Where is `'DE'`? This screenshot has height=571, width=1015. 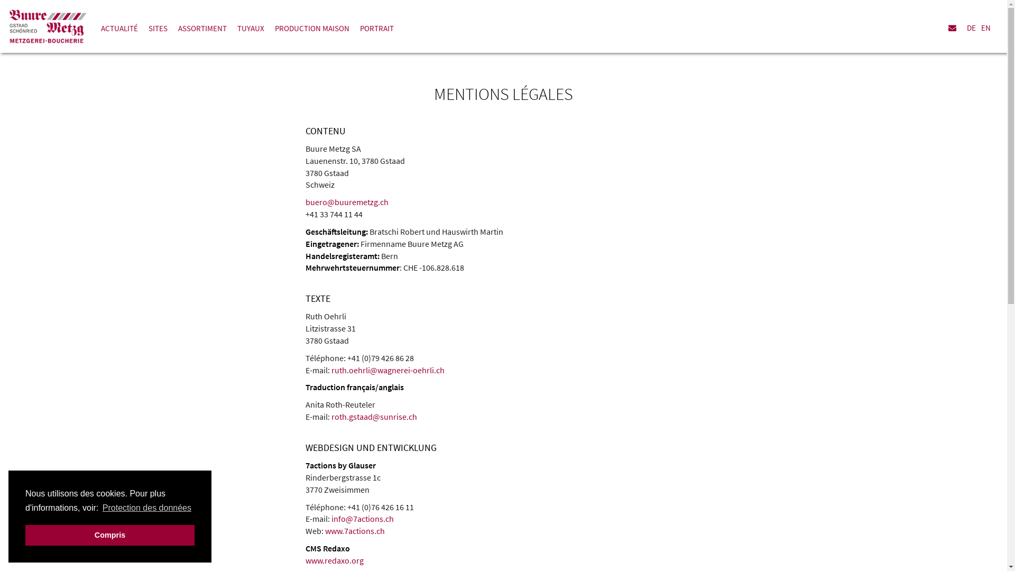
'DE' is located at coordinates (973, 25).